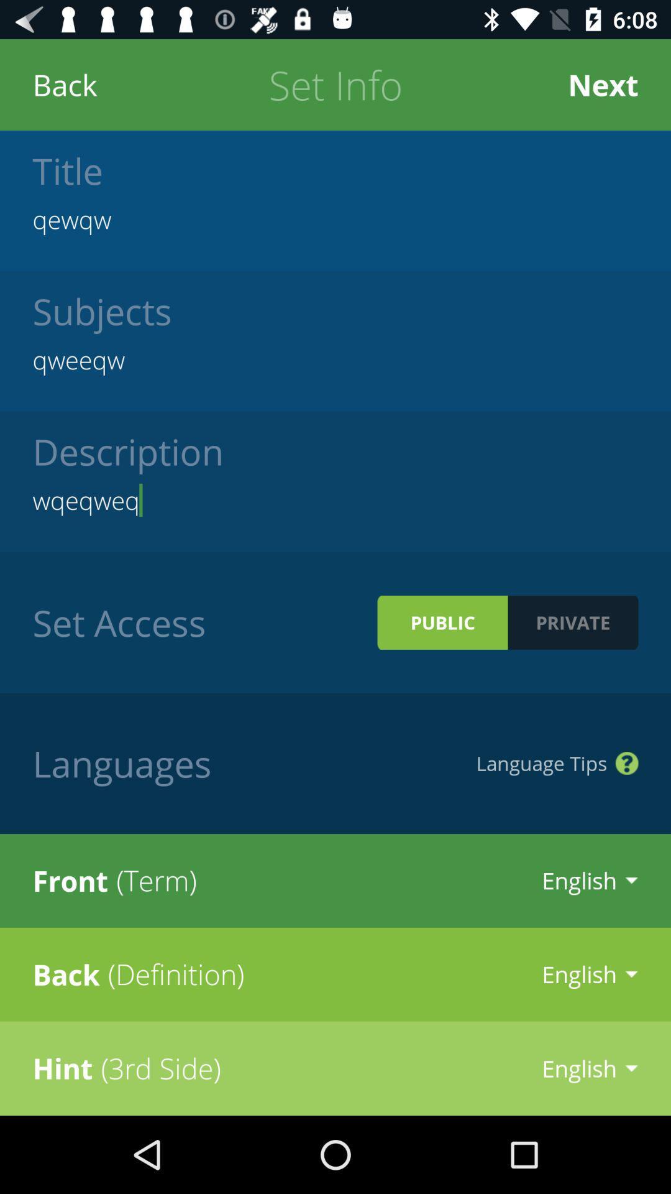  I want to click on item below the wqeqweq, so click(442, 622).